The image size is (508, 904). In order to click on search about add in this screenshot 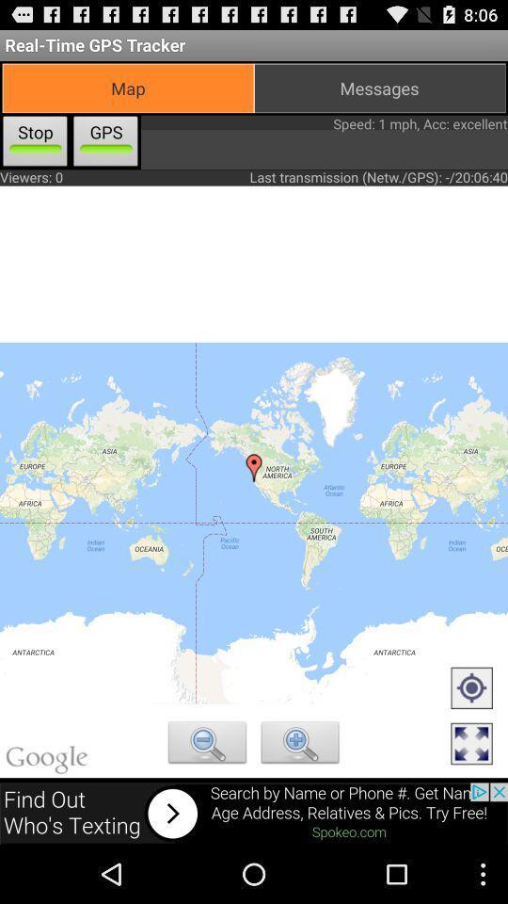, I will do `click(254, 813)`.